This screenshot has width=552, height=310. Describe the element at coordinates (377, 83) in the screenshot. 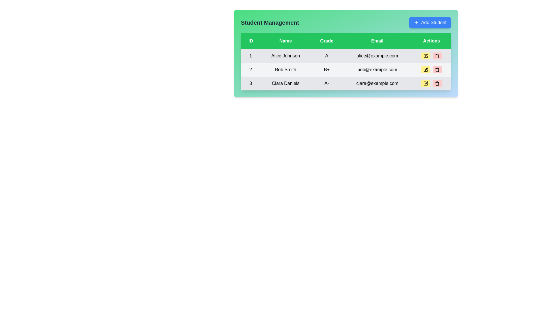

I see `email address 'clara@example.com' associated with 'Clara Daniels' located in the fourth column of the third row of a table-like structure` at that location.